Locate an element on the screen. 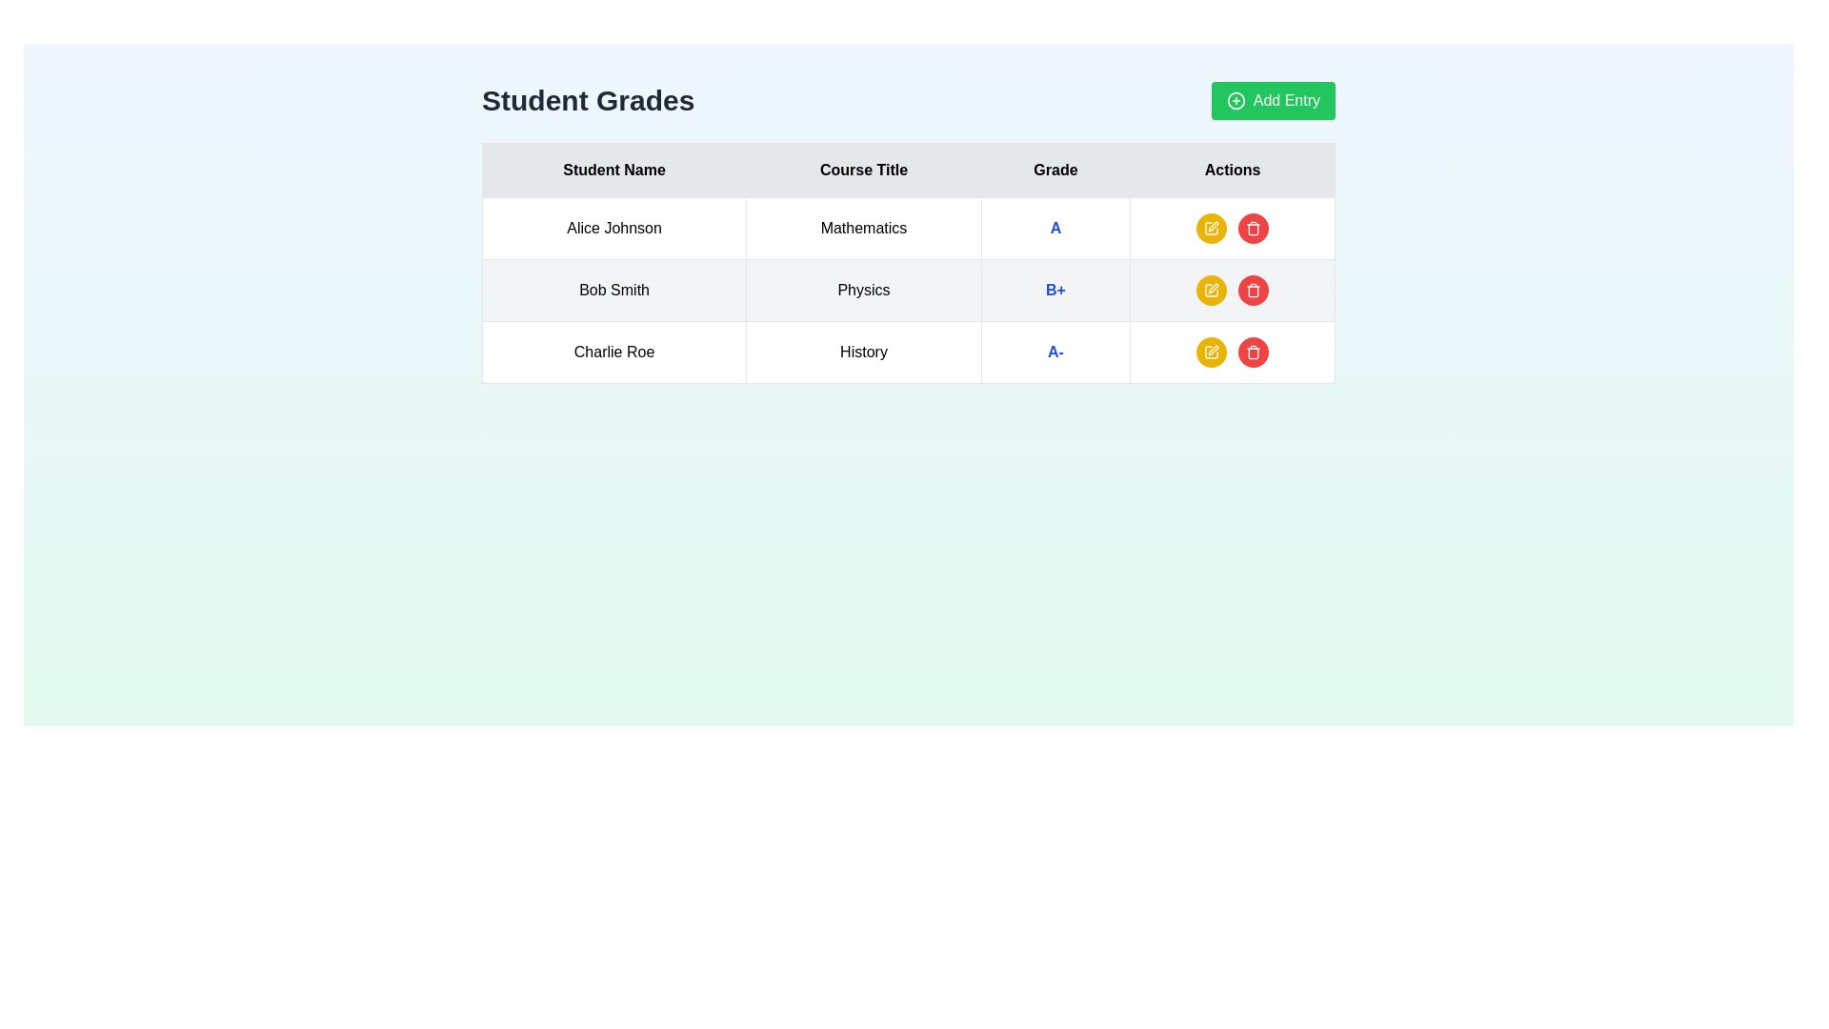  the small square button with a yellow background and a pen icon located in the 'Actions' column of the last row corresponding to 'Charlie Roe' is located at coordinates (1211, 353).